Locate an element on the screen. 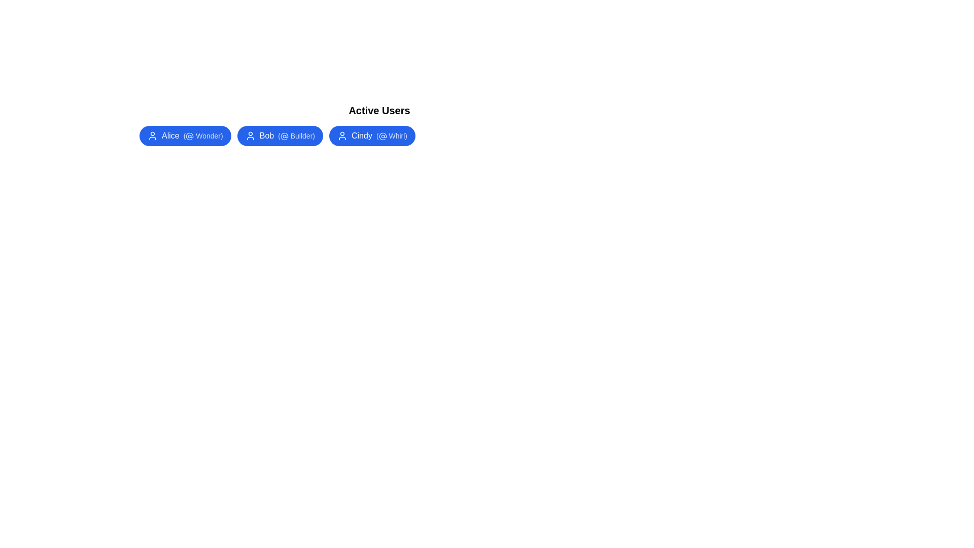 This screenshot has width=974, height=548. the user chip labeled Cindy is located at coordinates (372, 135).